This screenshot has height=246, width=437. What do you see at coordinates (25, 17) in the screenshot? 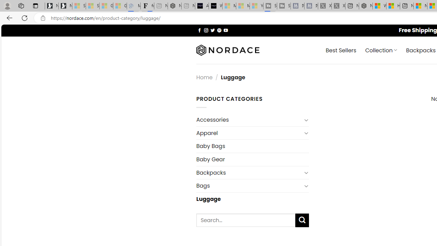
I see `'Refresh'` at bounding box center [25, 17].